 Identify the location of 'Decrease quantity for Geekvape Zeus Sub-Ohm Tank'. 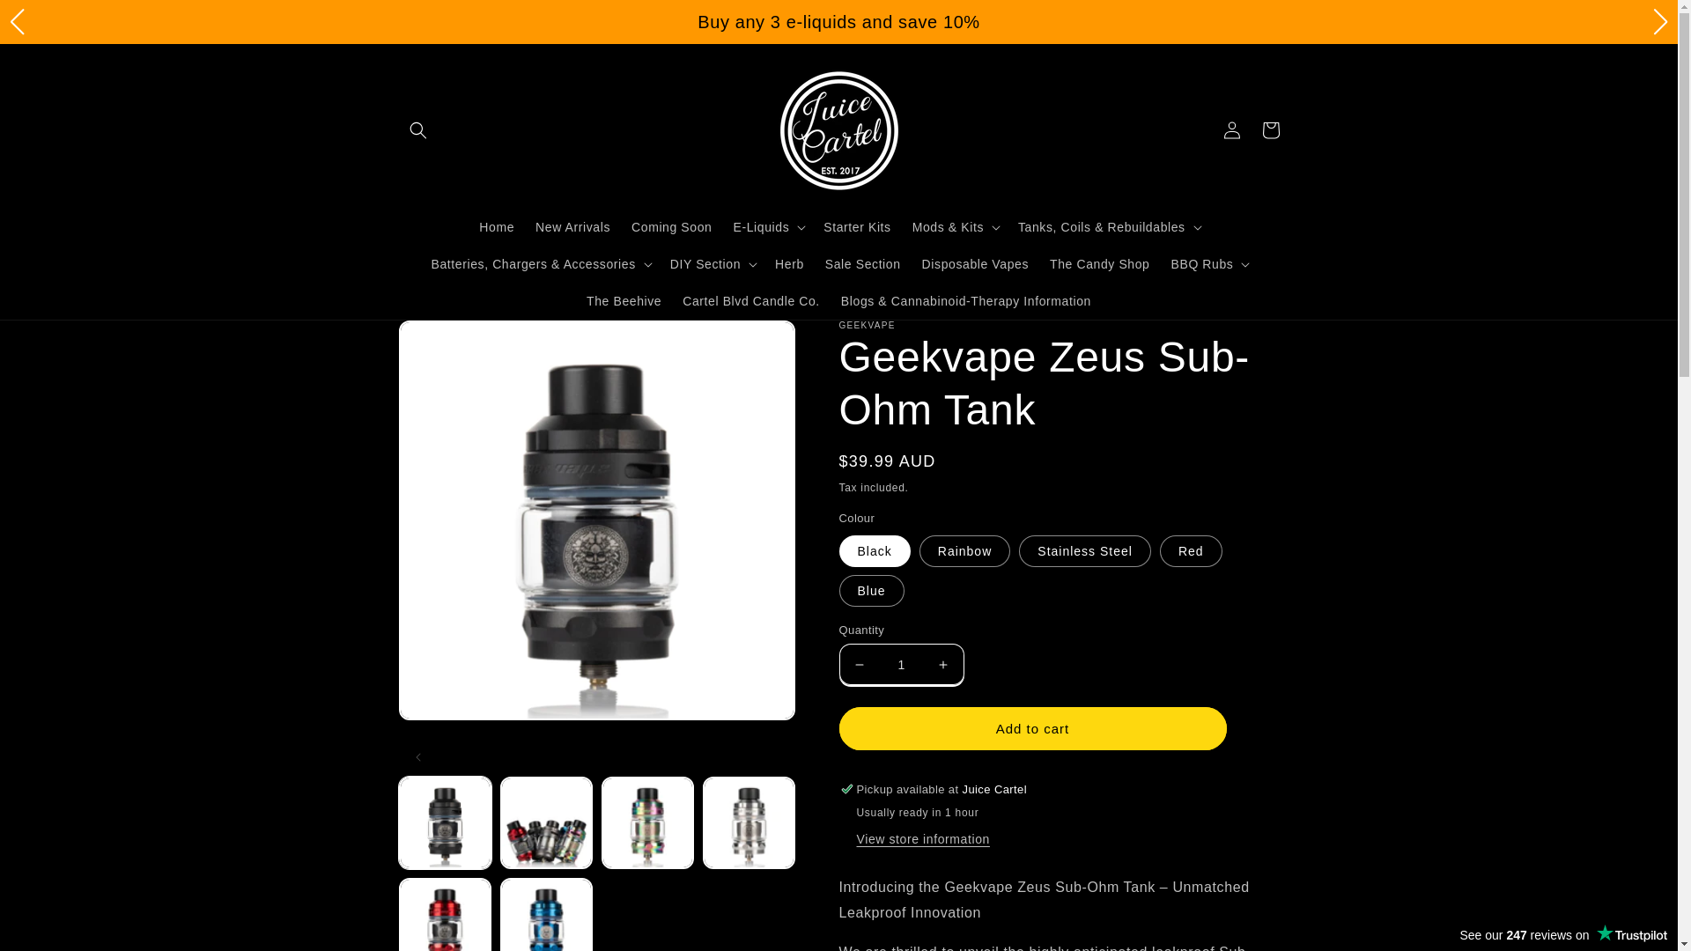
(860, 664).